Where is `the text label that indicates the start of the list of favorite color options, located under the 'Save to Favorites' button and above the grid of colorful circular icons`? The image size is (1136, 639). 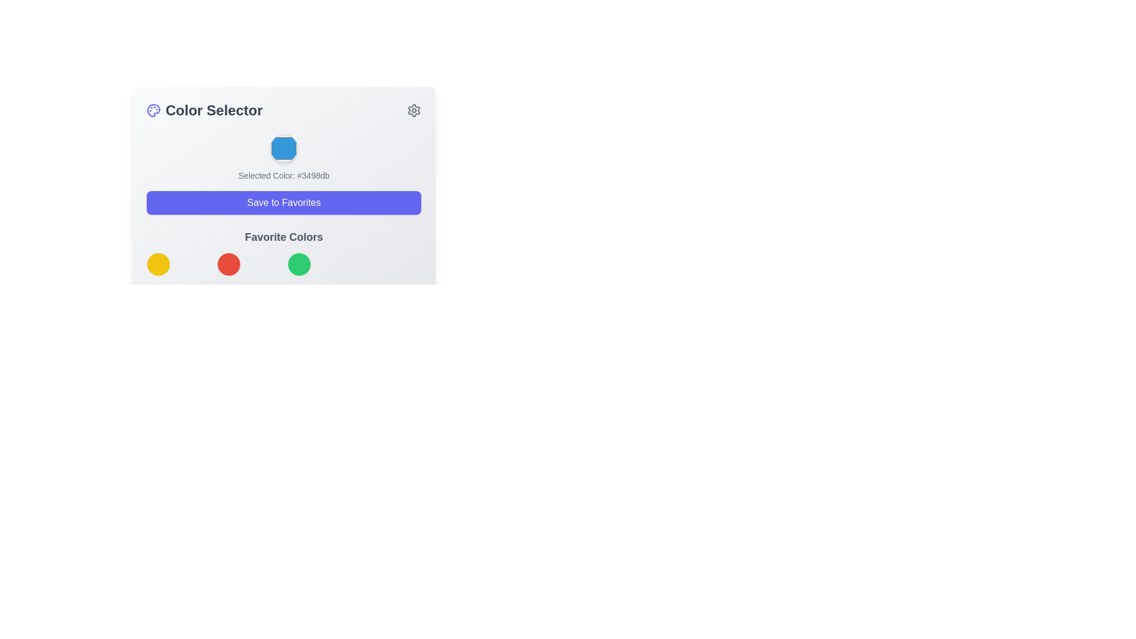 the text label that indicates the start of the list of favorite color options, located under the 'Save to Favorites' button and above the grid of colorful circular icons is located at coordinates (284, 237).